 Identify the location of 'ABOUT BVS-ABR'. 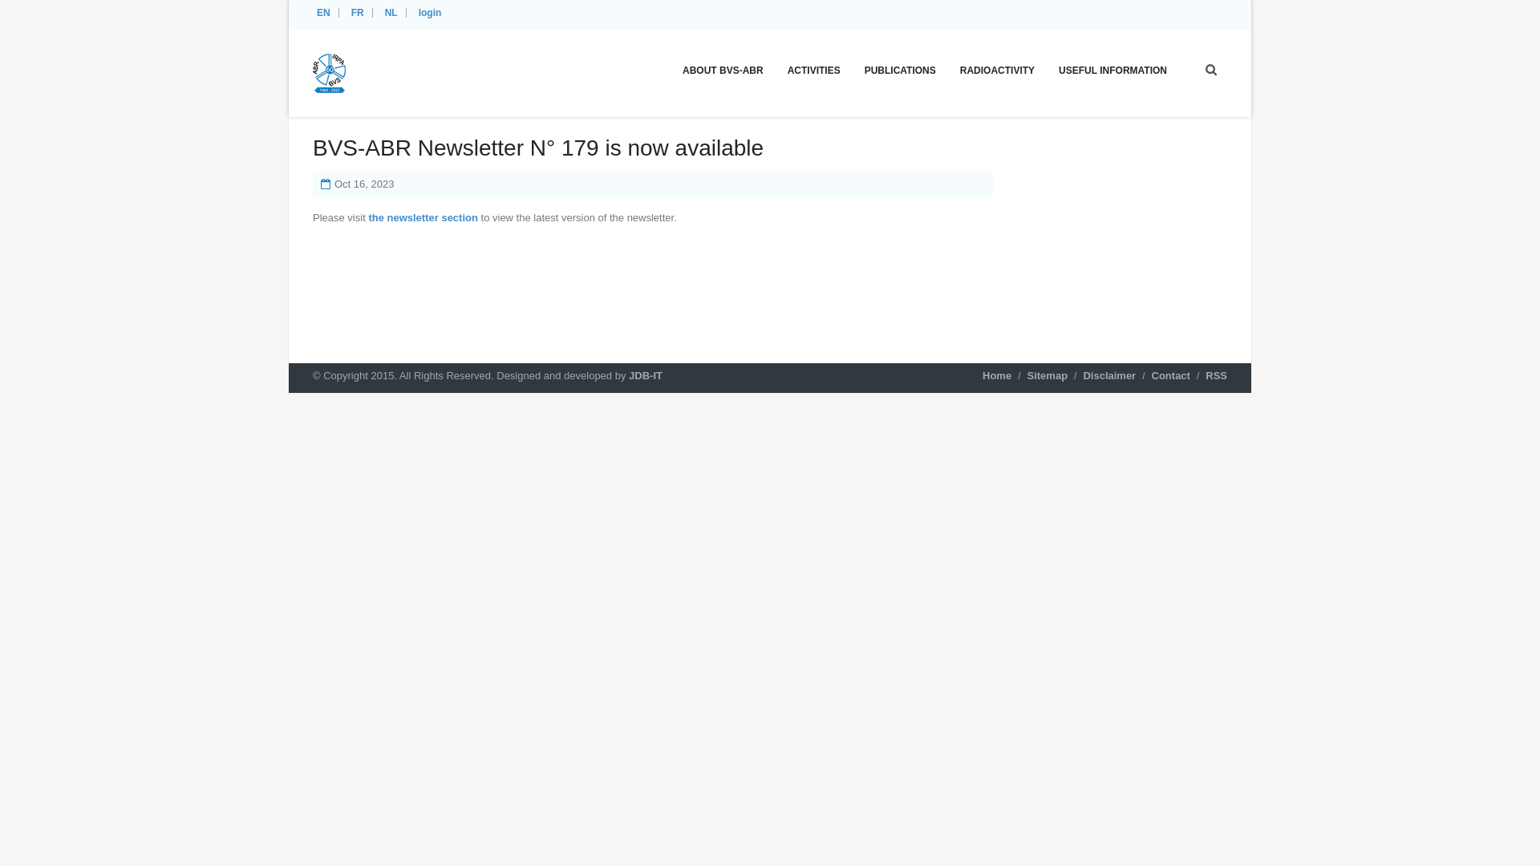
(722, 69).